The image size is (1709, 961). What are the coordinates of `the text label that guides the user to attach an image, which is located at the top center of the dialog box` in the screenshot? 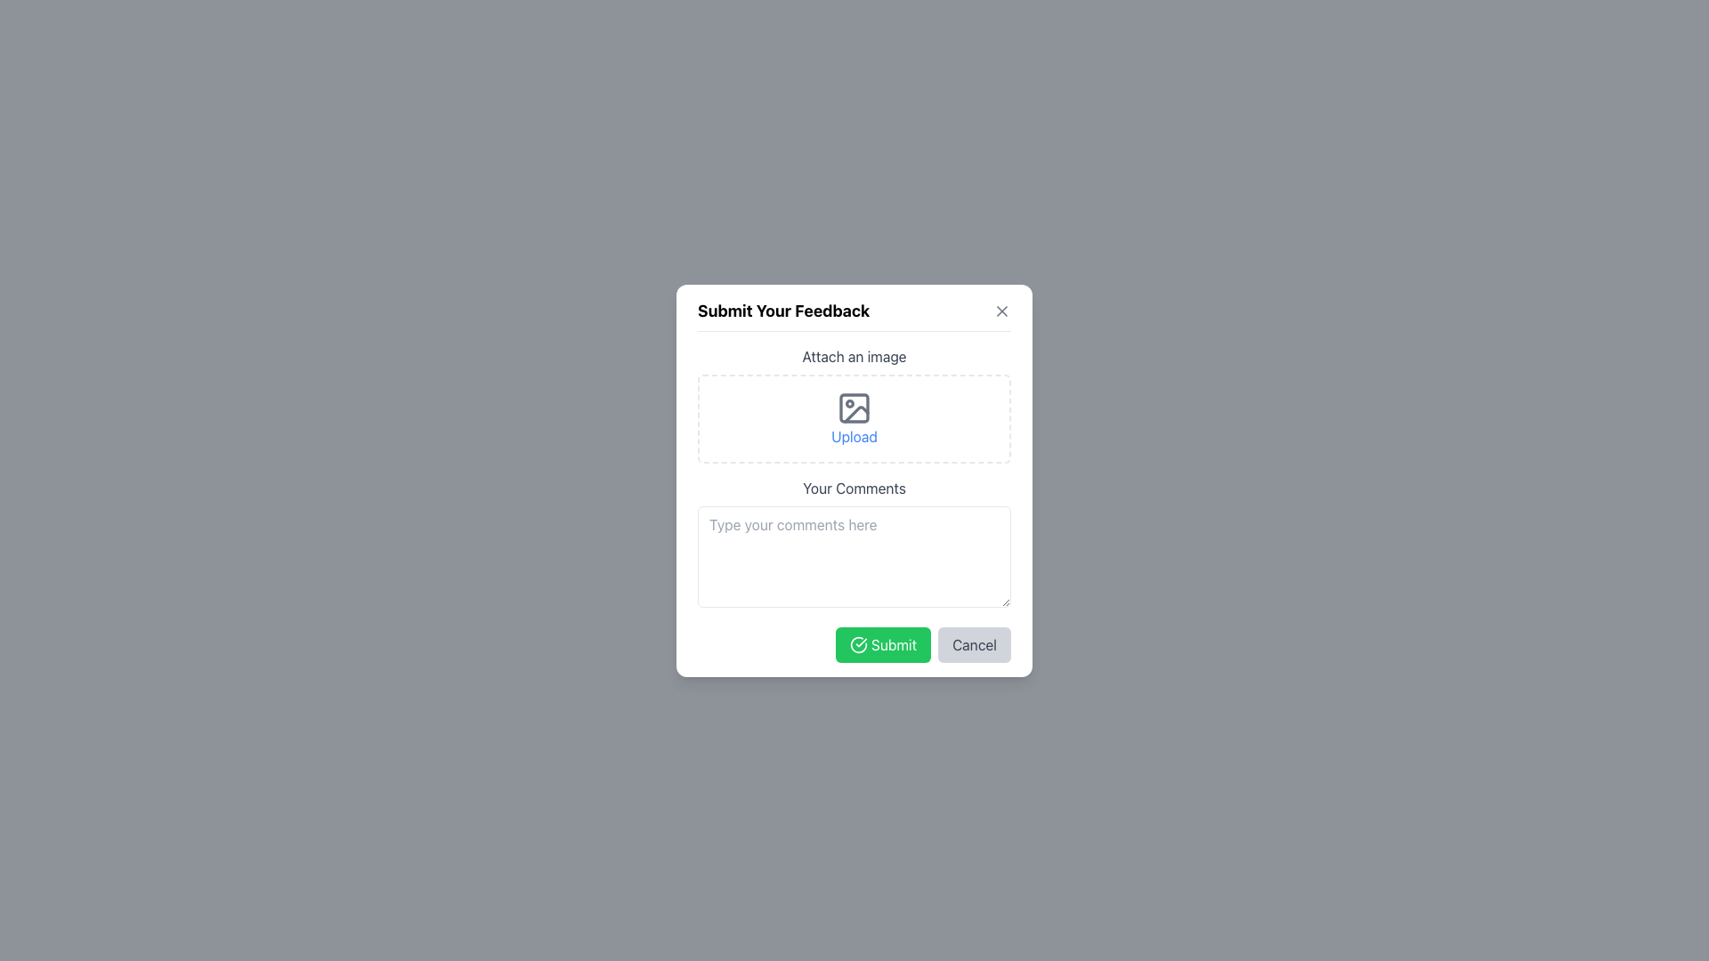 It's located at (854, 356).